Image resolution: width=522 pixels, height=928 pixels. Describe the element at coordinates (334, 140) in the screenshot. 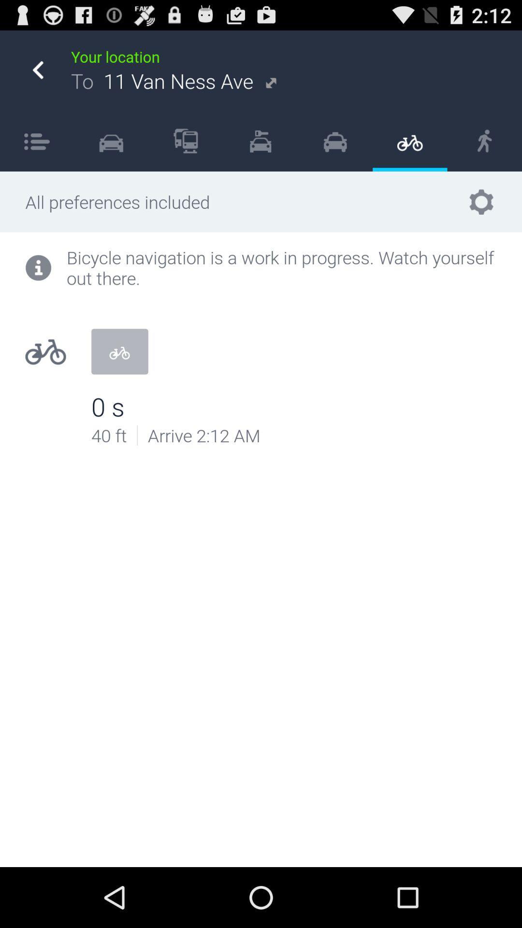

I see `icon next to   item` at that location.